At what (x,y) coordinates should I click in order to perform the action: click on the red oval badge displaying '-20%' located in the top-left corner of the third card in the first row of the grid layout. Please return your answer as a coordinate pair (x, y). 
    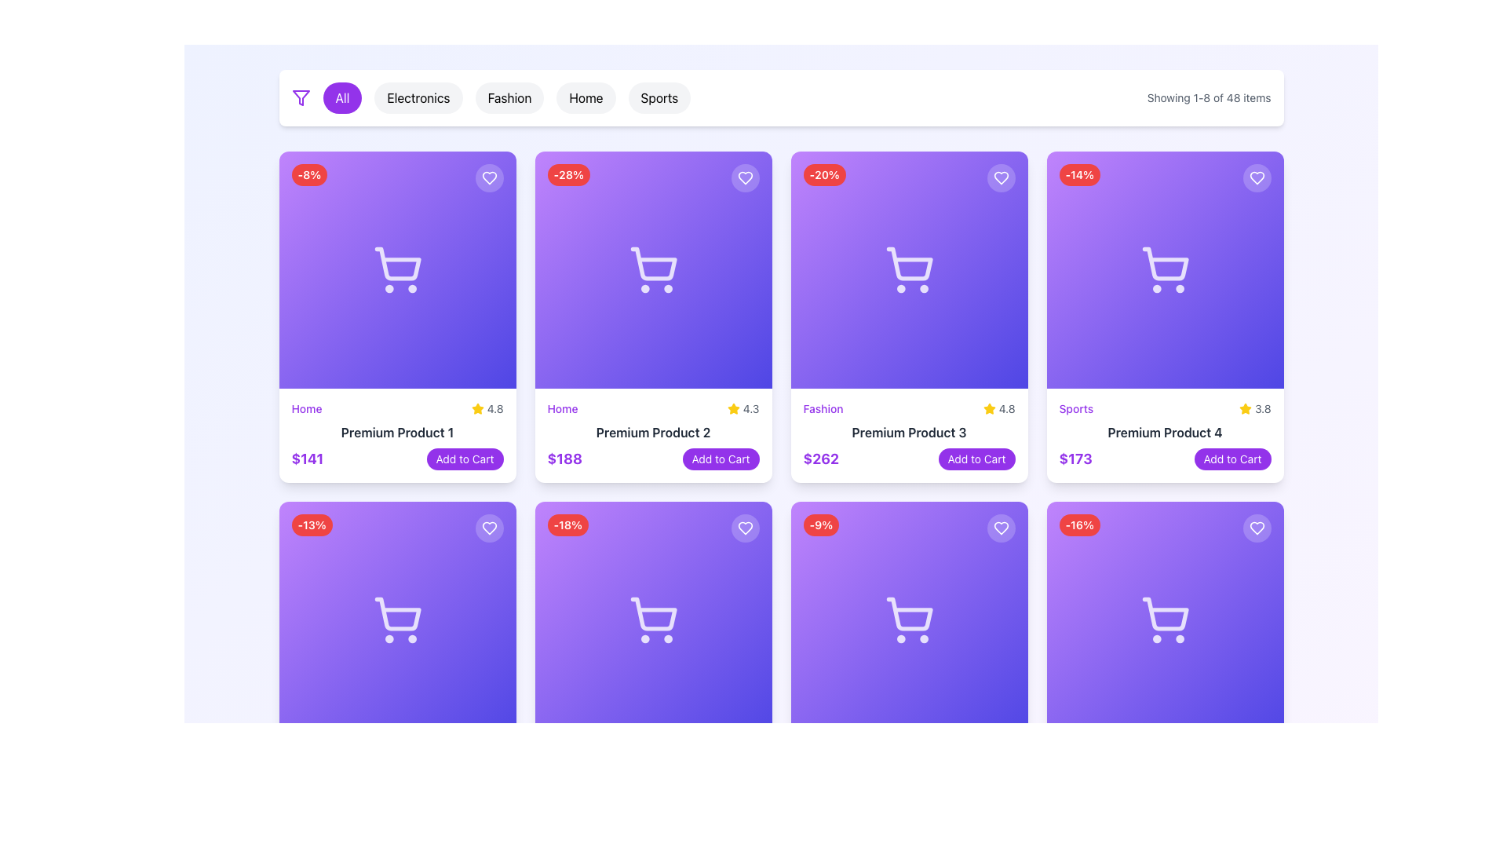
    Looking at the image, I should click on (823, 175).